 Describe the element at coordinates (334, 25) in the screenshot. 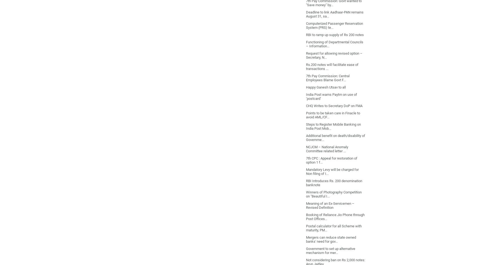

I see `'Computerized Passenger Reservation System (PRS) te...'` at that location.